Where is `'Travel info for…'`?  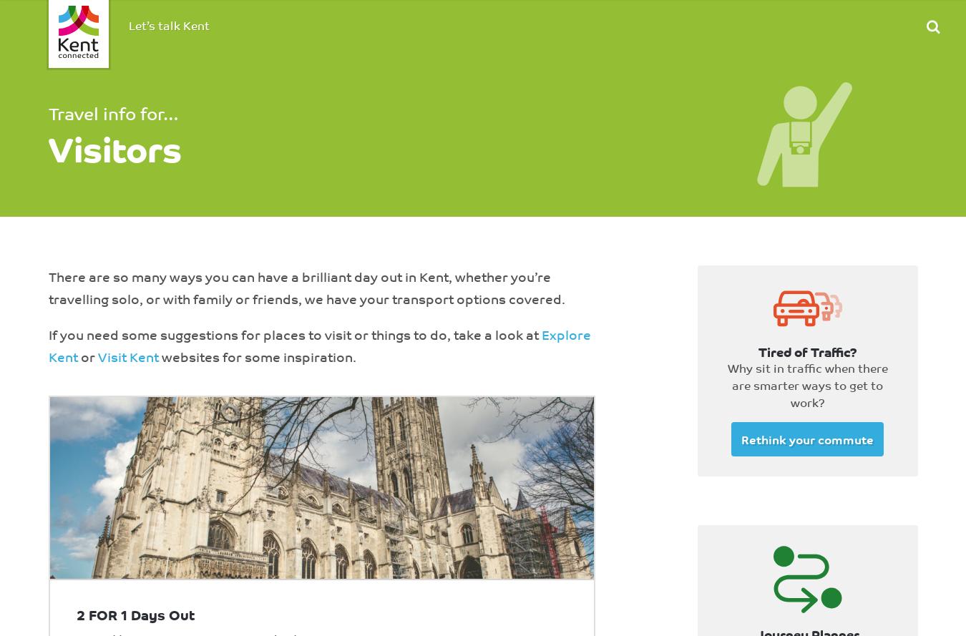 'Travel info for…' is located at coordinates (47, 112).